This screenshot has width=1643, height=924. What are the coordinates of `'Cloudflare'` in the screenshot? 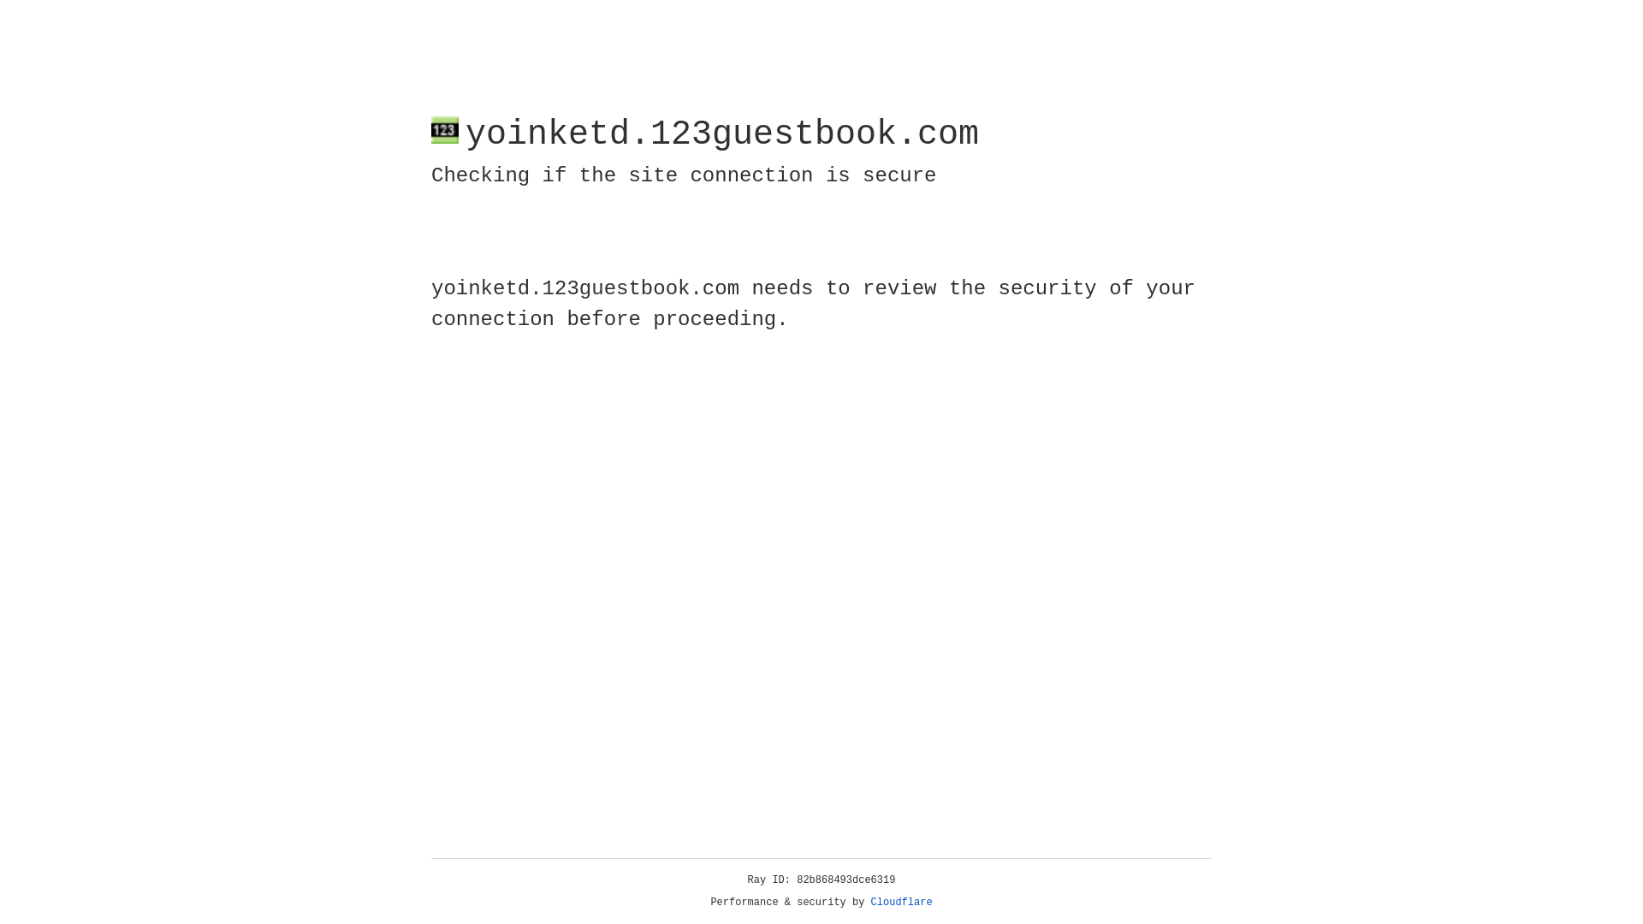 It's located at (870, 902).